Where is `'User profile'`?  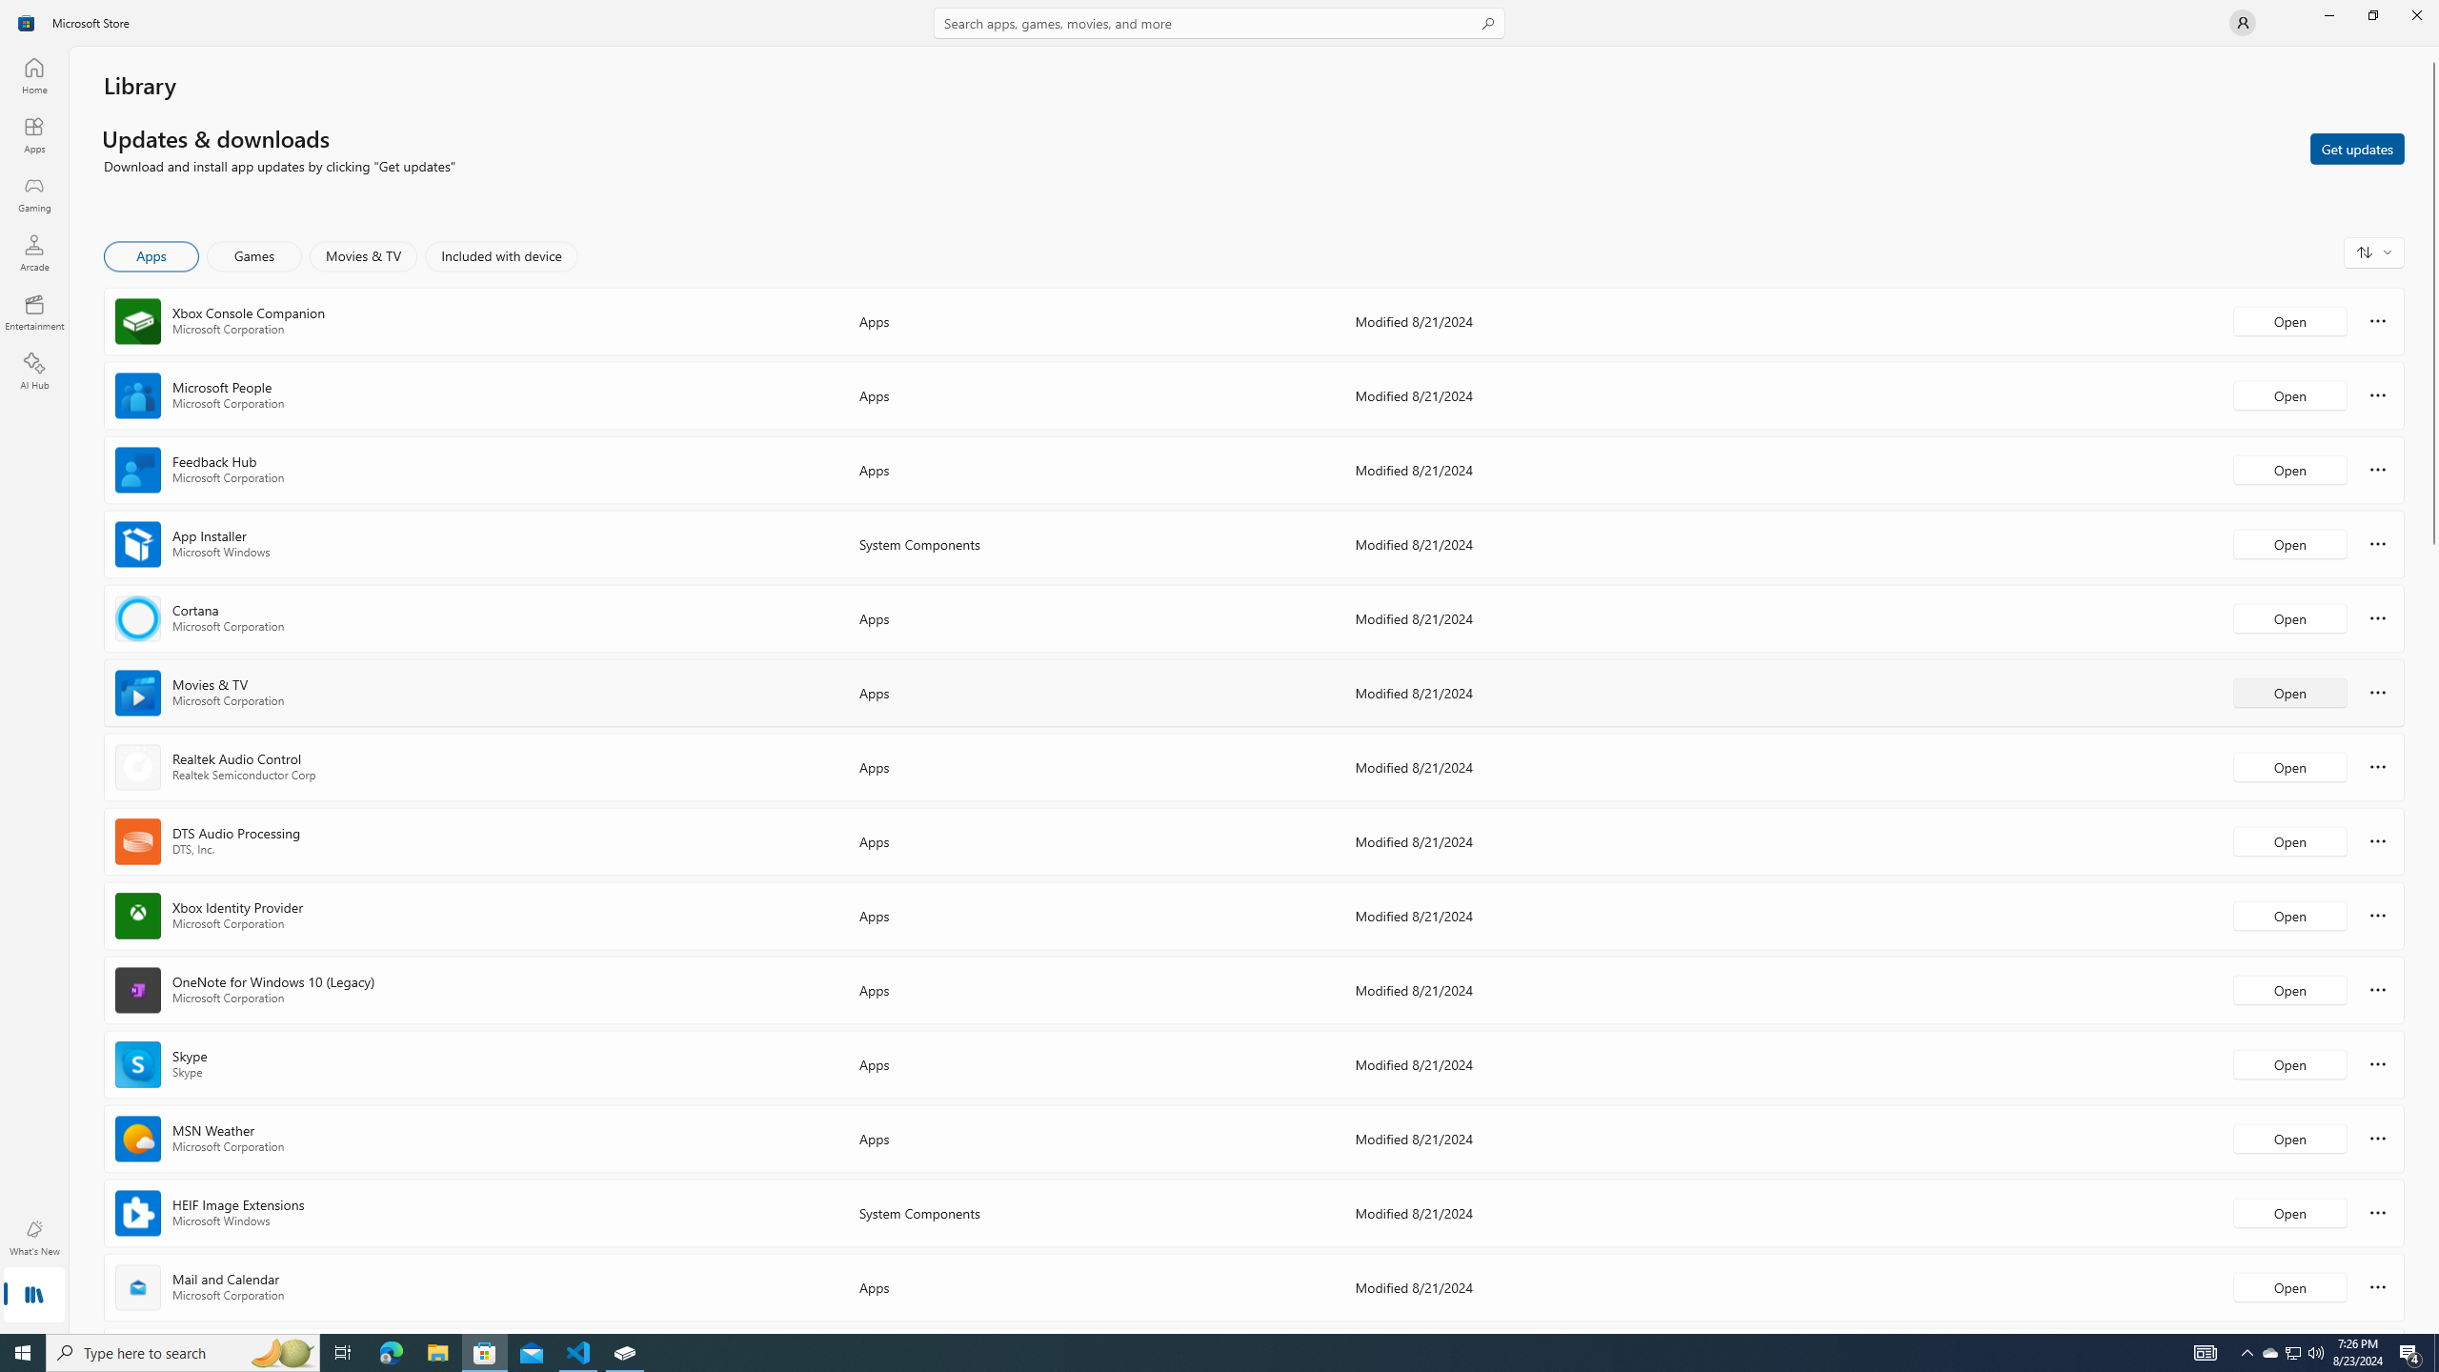 'User profile' is located at coordinates (2241, 21).